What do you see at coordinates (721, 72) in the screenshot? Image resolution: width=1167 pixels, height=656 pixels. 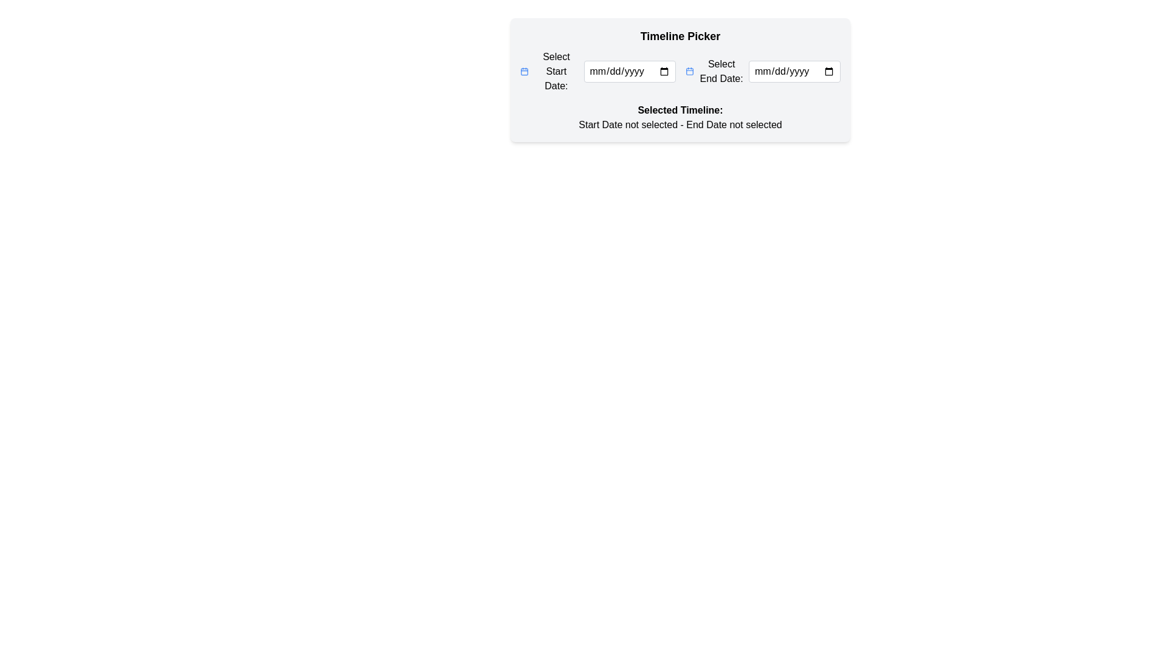 I see `the text label that displays 'Select End Date:' which is positioned to the right of the 'Select Start Date:' label and its input field` at bounding box center [721, 72].